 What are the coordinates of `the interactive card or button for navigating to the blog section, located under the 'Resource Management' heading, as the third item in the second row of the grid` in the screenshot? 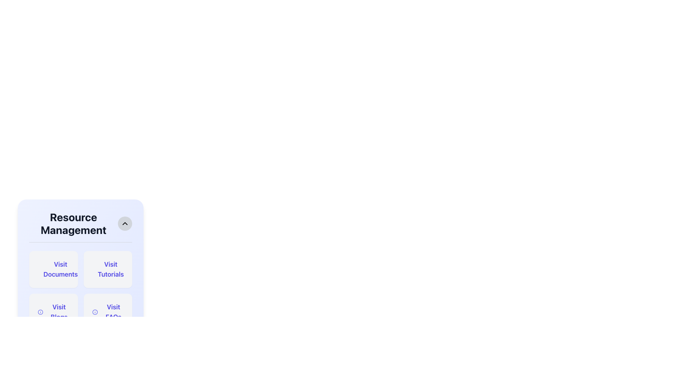 It's located at (53, 312).